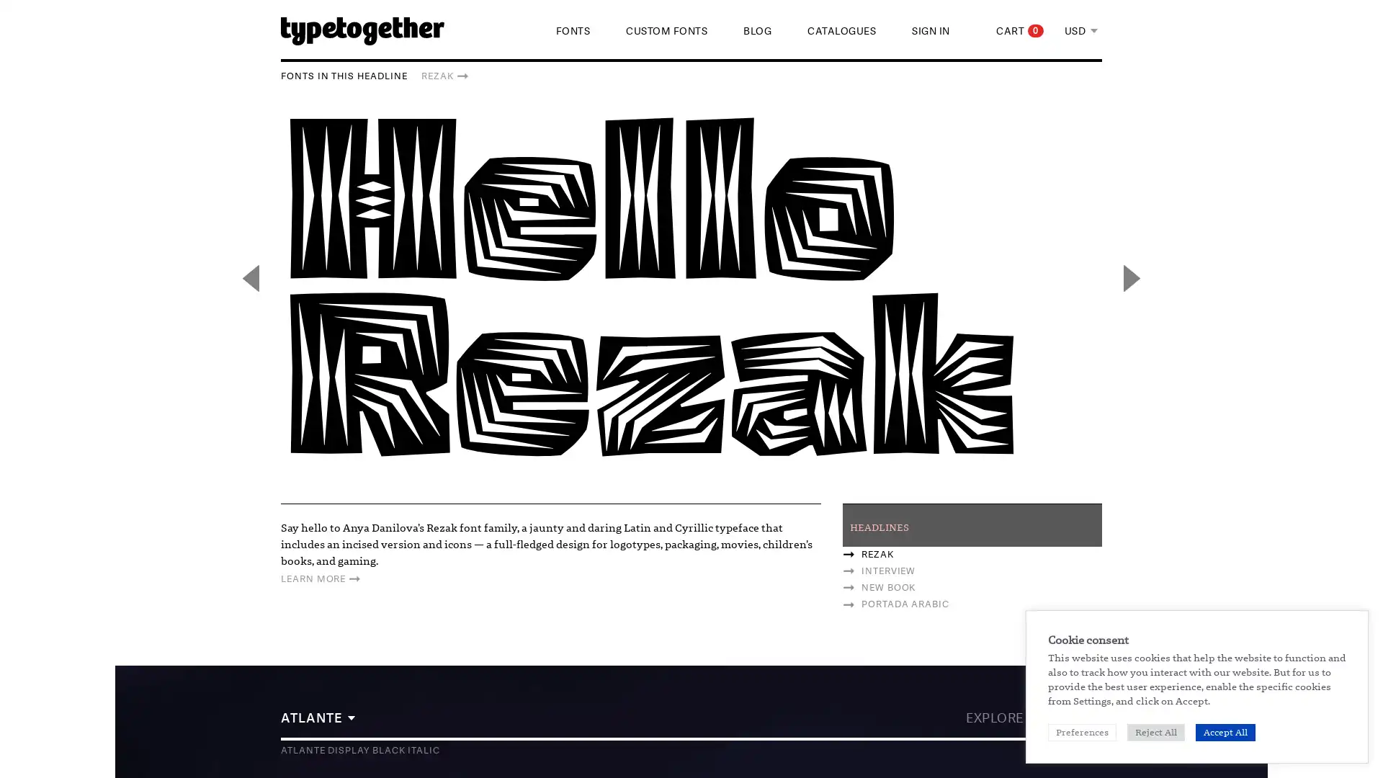 This screenshot has height=778, width=1383. Describe the element at coordinates (1155, 733) in the screenshot. I see `Reject All` at that location.